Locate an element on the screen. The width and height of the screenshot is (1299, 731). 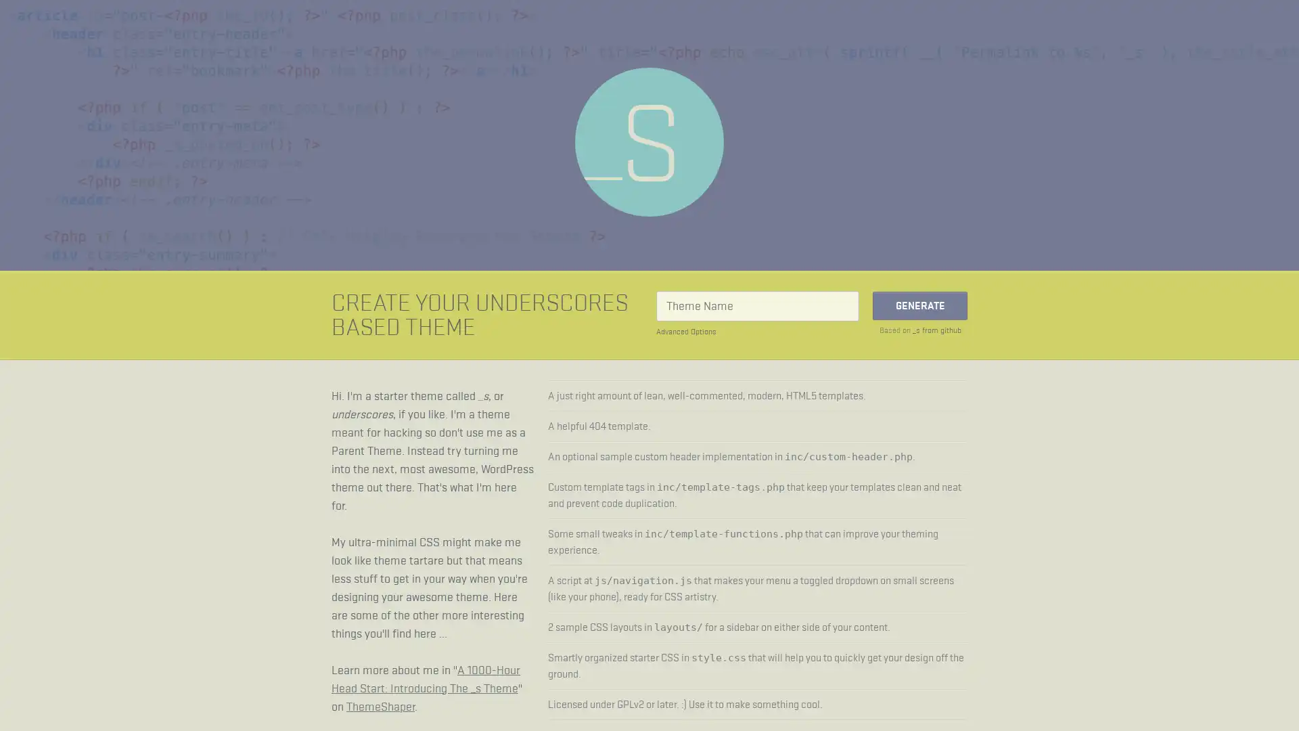
Generate is located at coordinates (919, 305).